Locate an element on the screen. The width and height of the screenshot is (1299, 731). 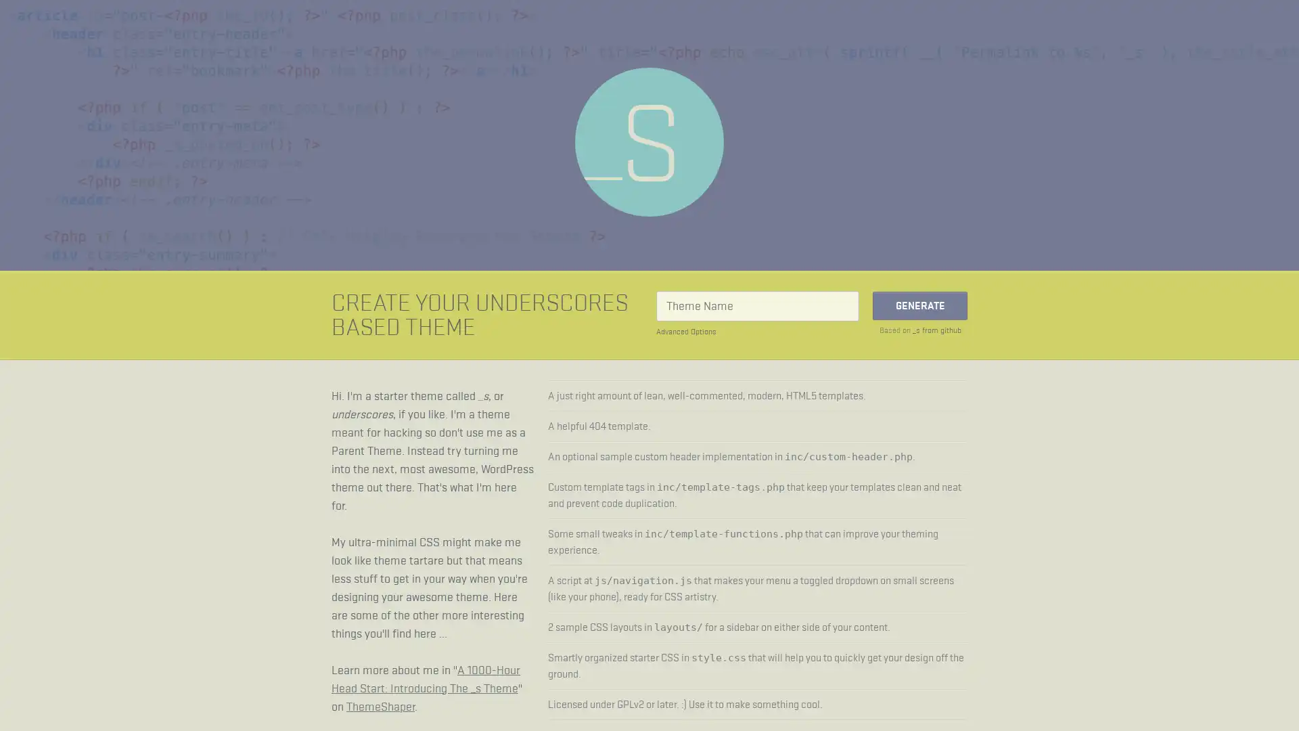
Generate is located at coordinates (919, 305).